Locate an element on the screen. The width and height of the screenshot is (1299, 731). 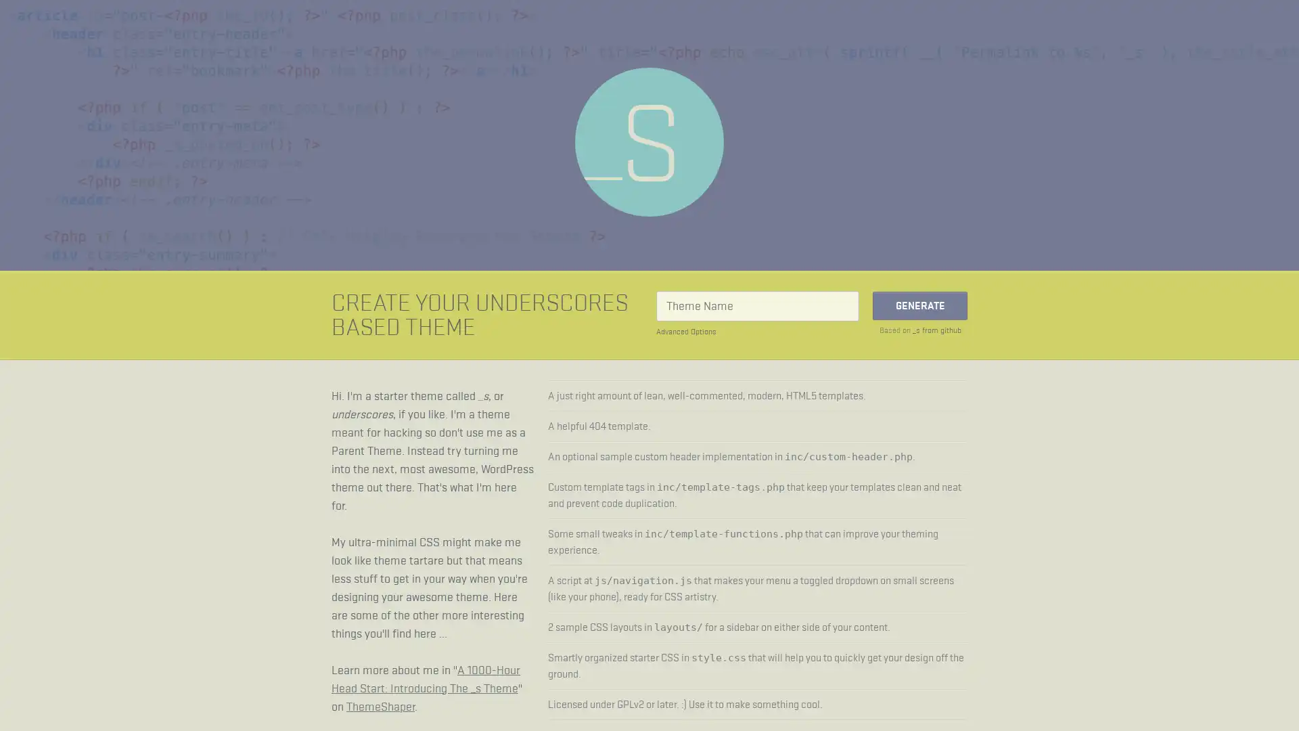
Generate is located at coordinates (919, 305).